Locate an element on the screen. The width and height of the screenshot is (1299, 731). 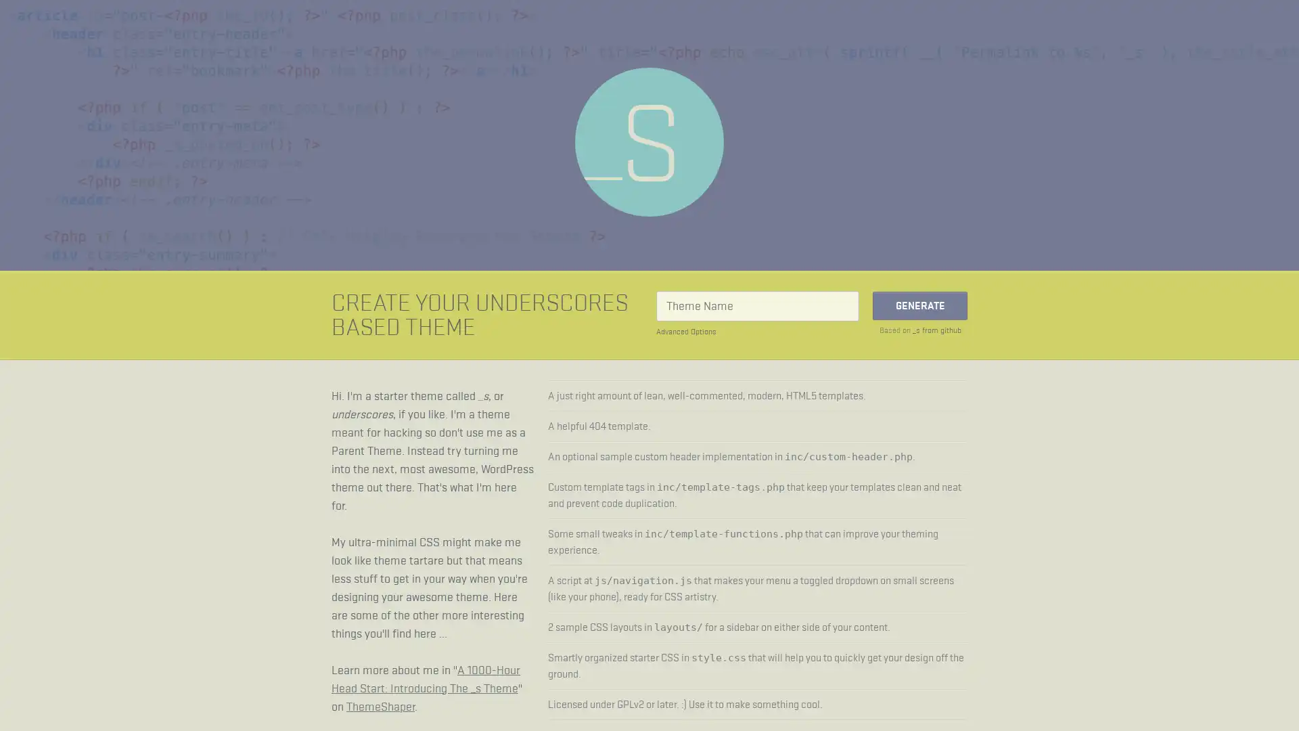
Generate is located at coordinates (919, 305).